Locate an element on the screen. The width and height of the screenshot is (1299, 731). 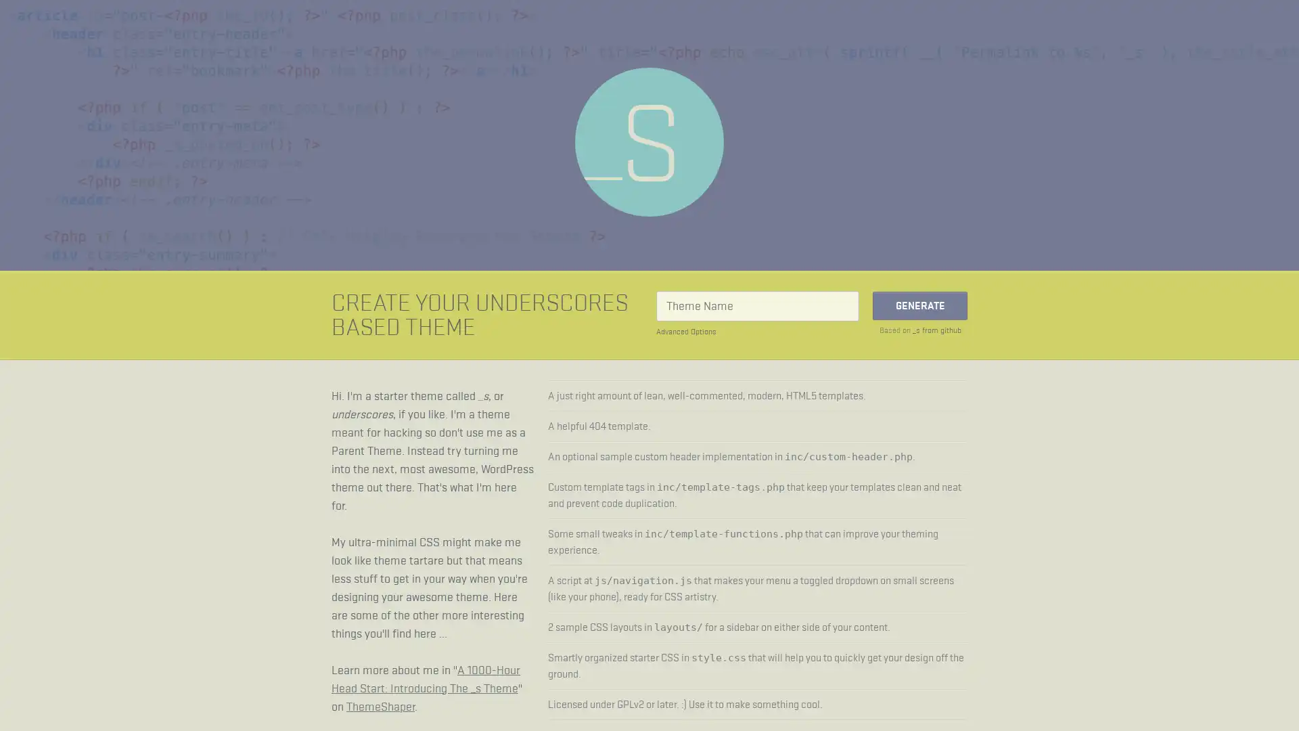
Generate is located at coordinates (919, 305).